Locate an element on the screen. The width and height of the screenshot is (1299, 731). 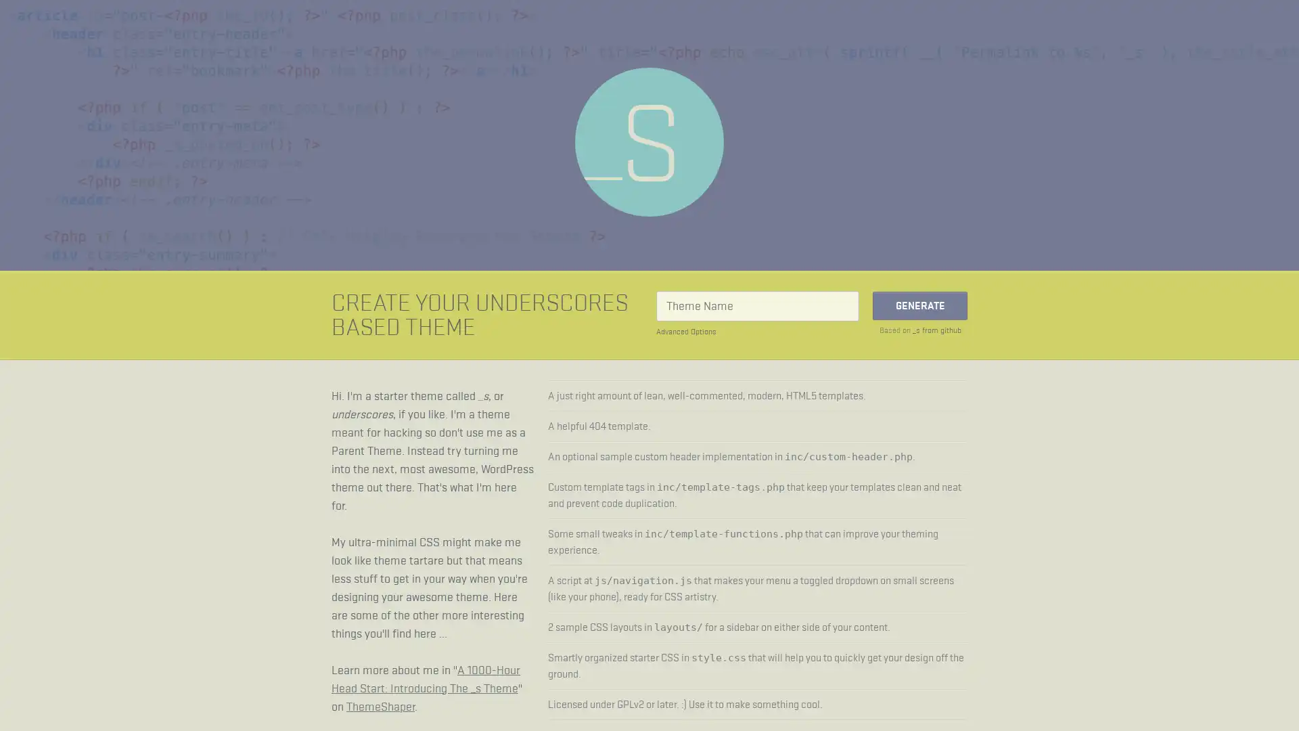
Generate is located at coordinates (919, 305).